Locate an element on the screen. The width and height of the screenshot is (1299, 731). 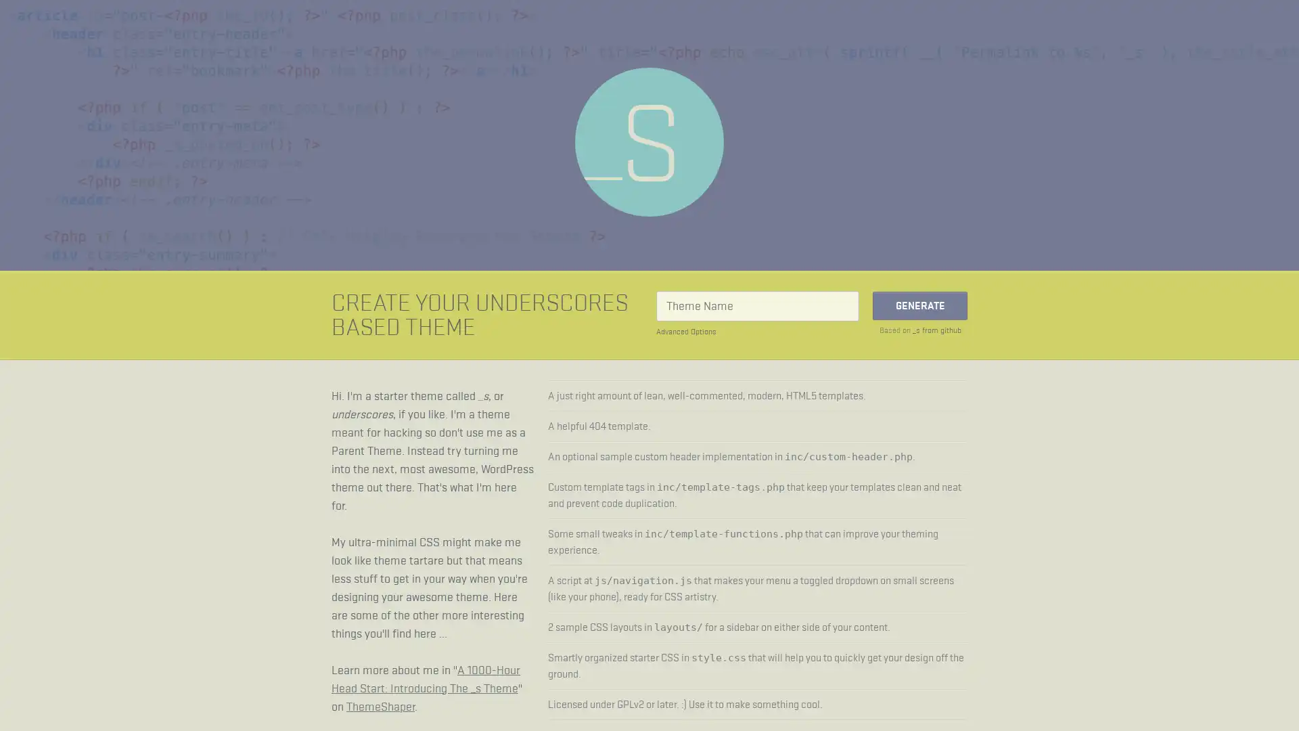
Generate is located at coordinates (919, 305).